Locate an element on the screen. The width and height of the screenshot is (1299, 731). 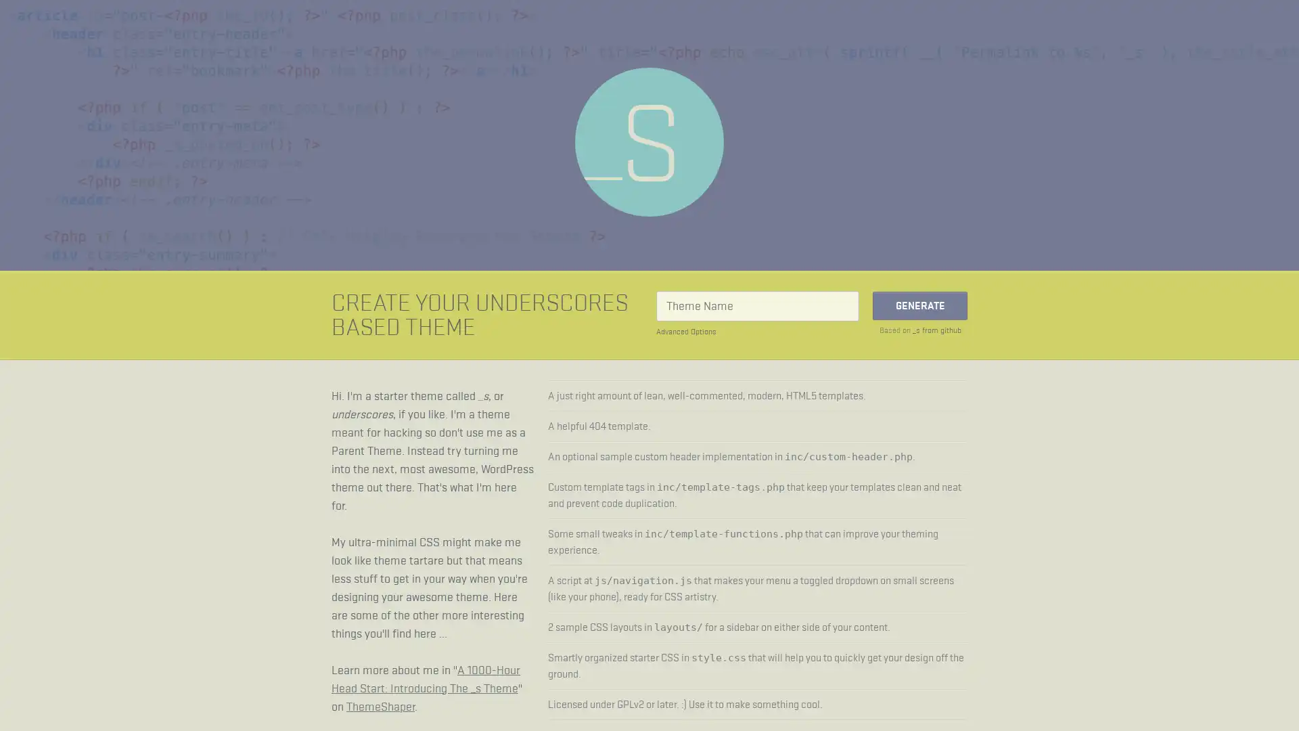
Generate is located at coordinates (919, 305).